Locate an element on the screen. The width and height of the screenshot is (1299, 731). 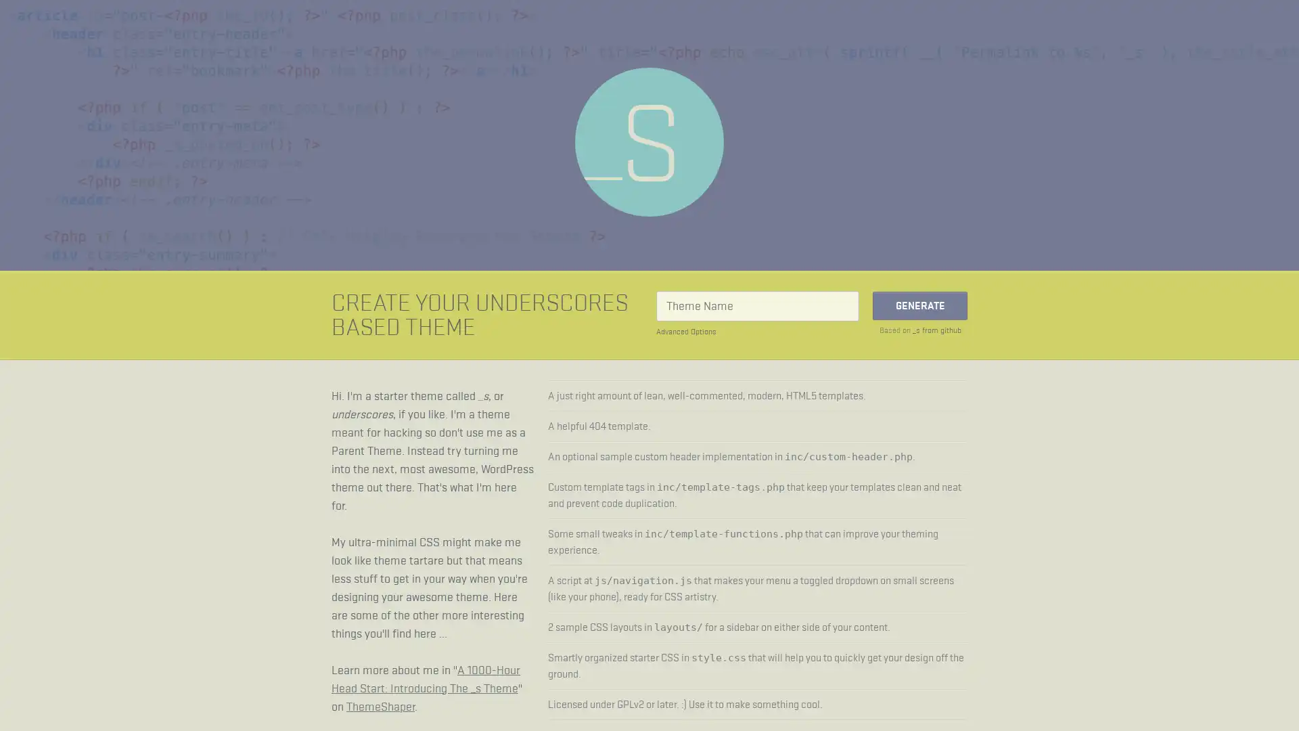
Generate is located at coordinates (919, 305).